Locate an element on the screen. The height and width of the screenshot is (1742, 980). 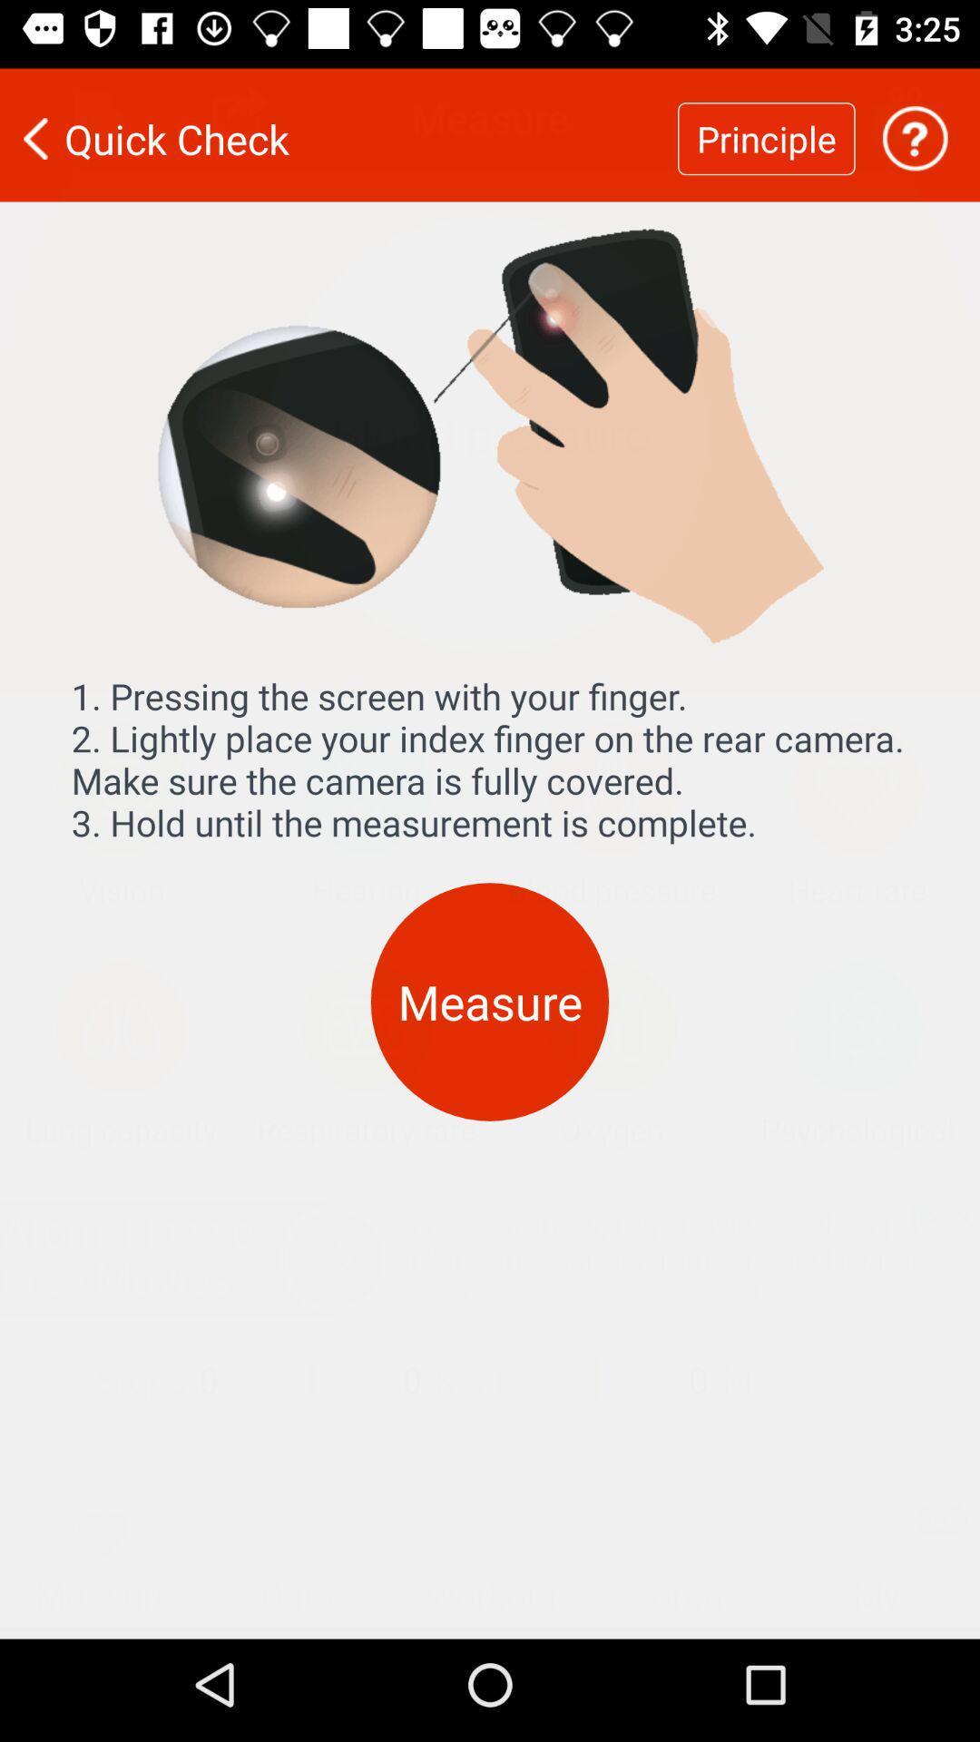
the principle is located at coordinates (766, 126).